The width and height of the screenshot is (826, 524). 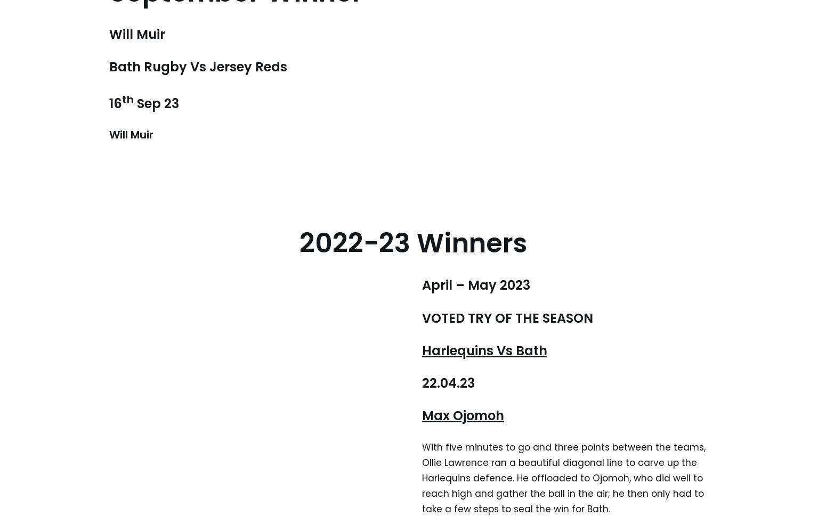 I want to click on 'Bath', so click(x=529, y=350).